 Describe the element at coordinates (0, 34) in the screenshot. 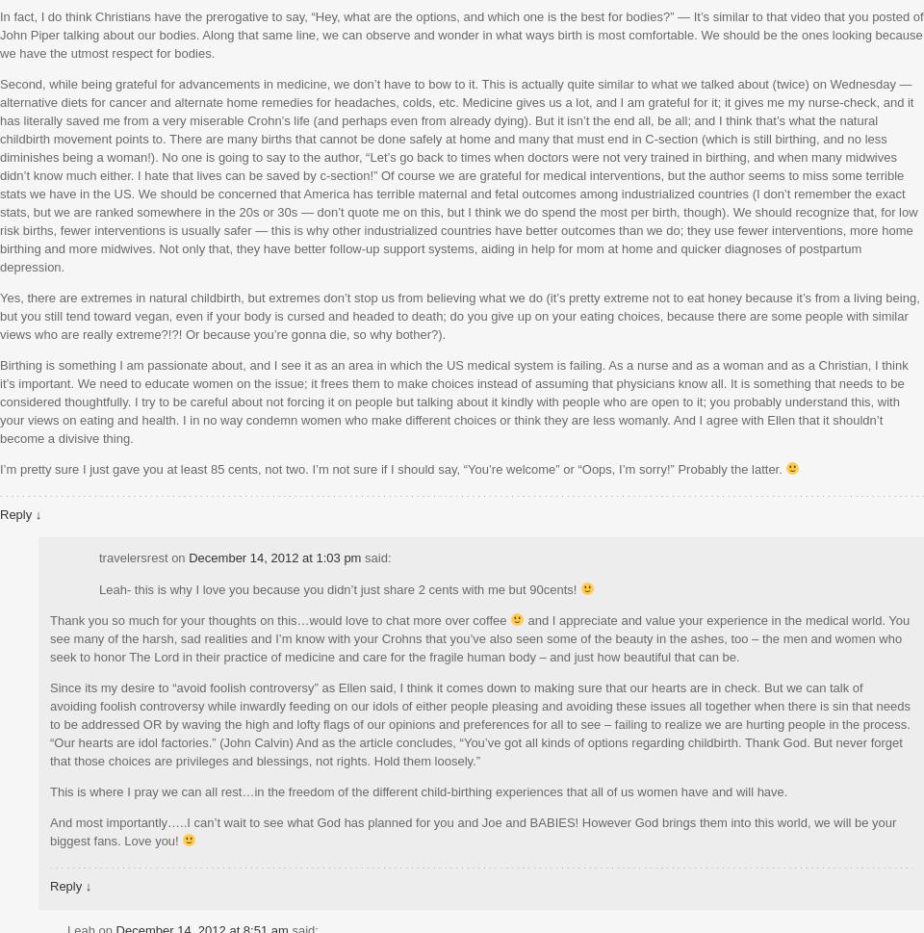

I see `'In fact, I do think Christians have the prerogative to say, “Hey, what are the options, and which one is the best for bodies?” — It’s similar to that video that you posted of John Piper talking about our bodies. Along that same line, we can observe and wonder in what ways birth is most comfortable. We should be the ones looking because we have the utmost respect for bodies.'` at that location.